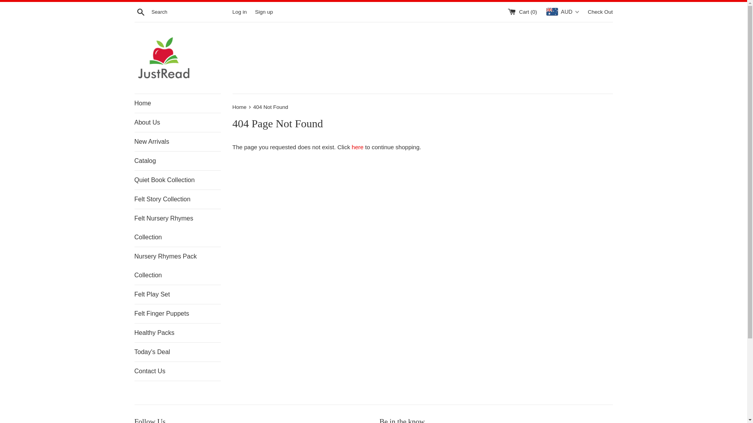 The width and height of the screenshot is (753, 423). What do you see at coordinates (134, 371) in the screenshot?
I see `'Contact Us'` at bounding box center [134, 371].